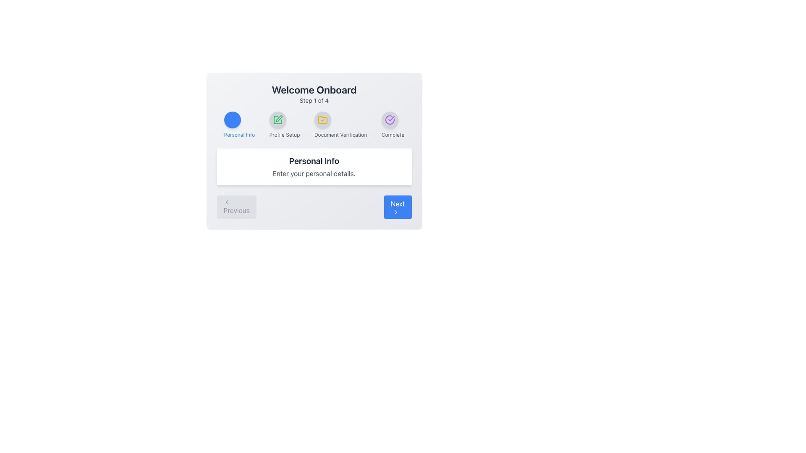 This screenshot has width=806, height=453. I want to click on the appearance of the 'Complete' button in the navigation area of the onboarding interface, which indicates a completed action, so click(389, 120).